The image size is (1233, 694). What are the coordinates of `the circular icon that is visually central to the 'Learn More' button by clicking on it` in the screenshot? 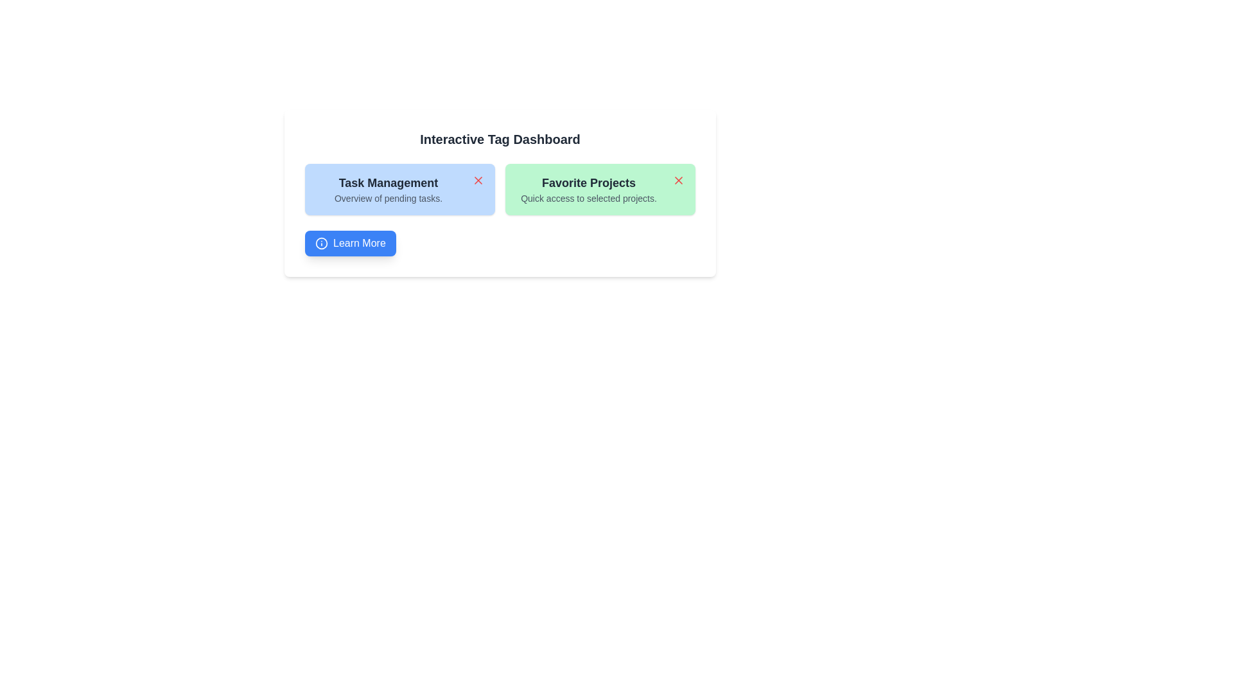 It's located at (321, 243).